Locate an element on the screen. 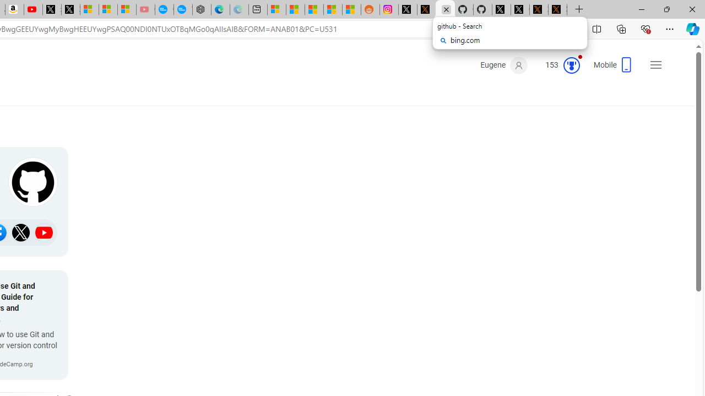  'Minimize' is located at coordinates (641, 9).